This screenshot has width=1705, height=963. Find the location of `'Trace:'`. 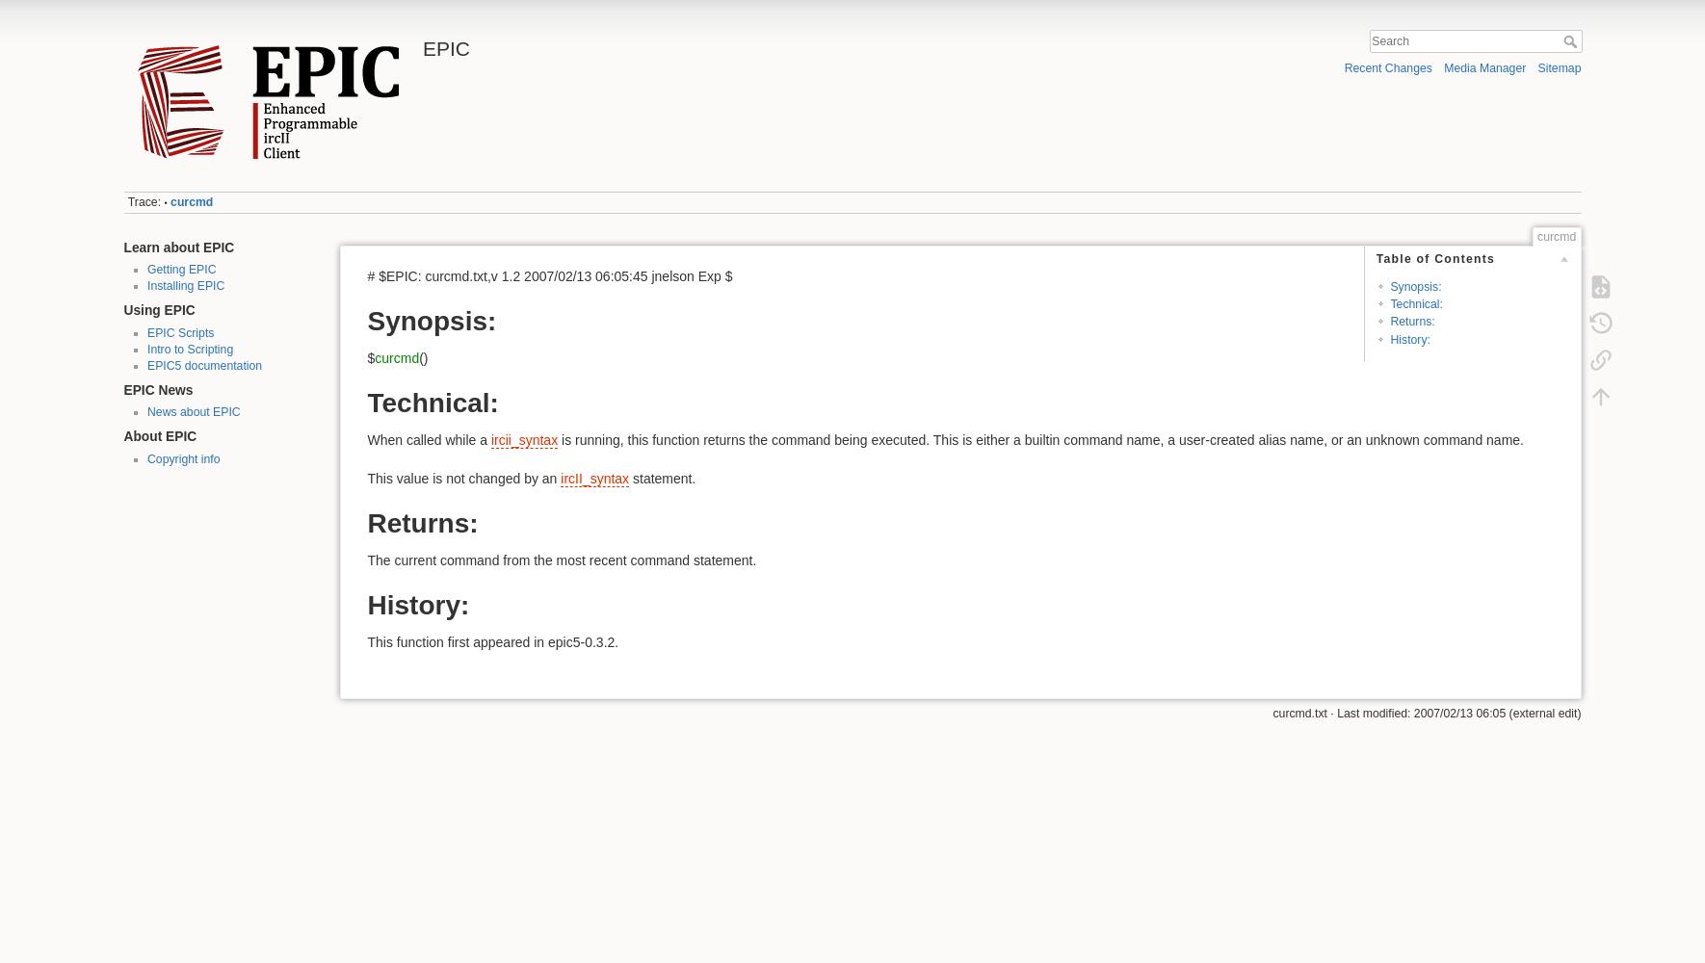

'Trace:' is located at coordinates (144, 201).